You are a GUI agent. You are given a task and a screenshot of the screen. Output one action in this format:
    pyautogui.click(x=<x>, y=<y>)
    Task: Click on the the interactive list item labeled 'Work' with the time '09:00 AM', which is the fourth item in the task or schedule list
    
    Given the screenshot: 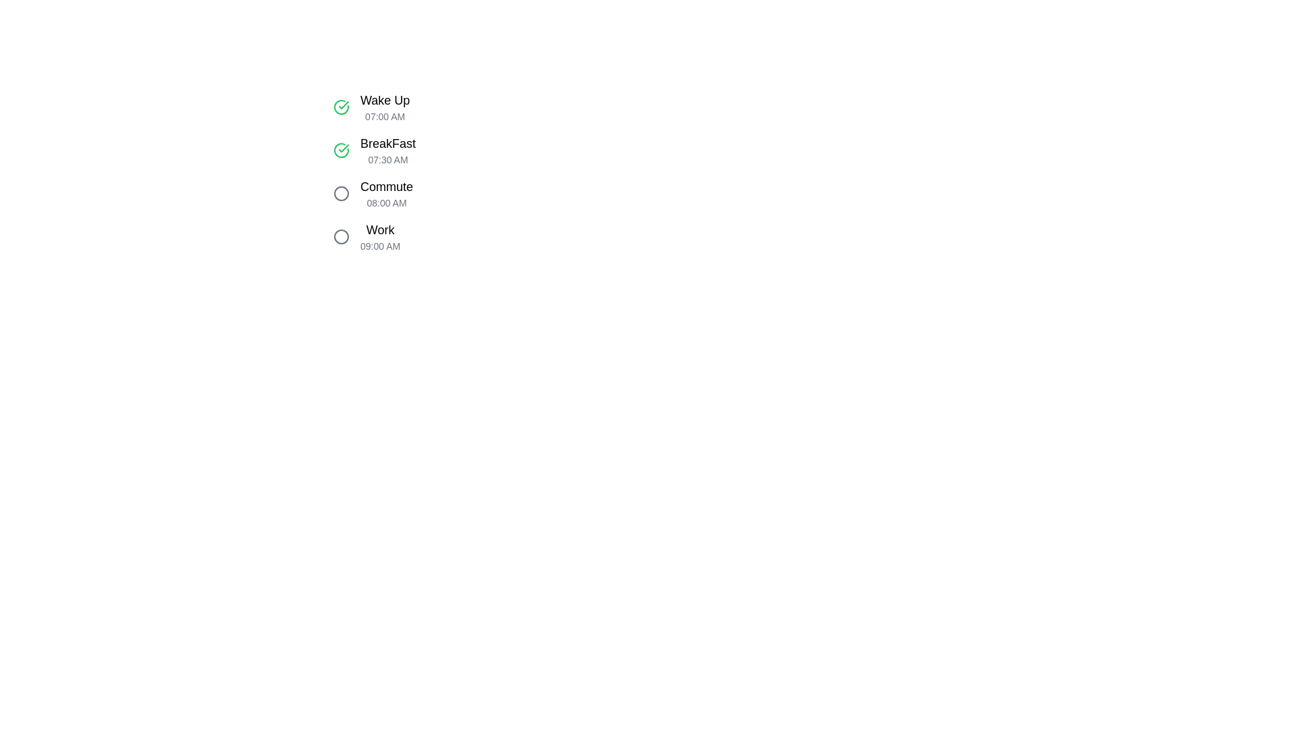 What is the action you would take?
    pyautogui.click(x=463, y=236)
    